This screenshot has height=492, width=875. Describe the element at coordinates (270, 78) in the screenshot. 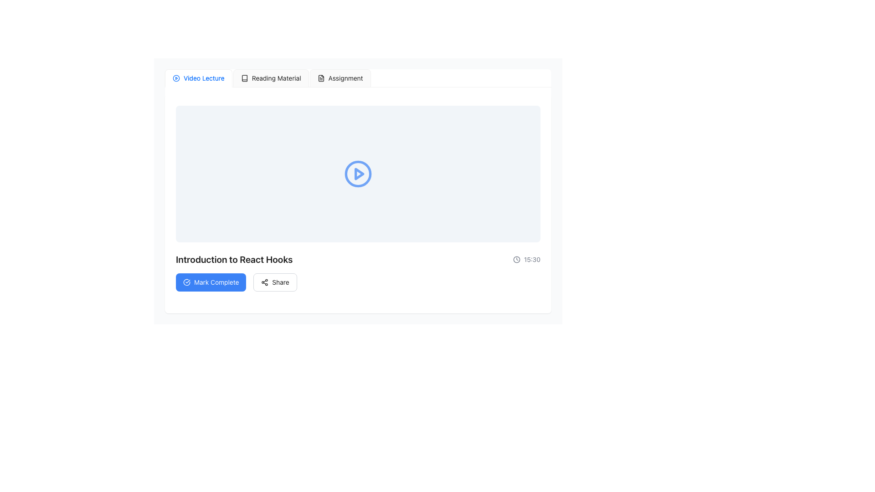

I see `the 'Reading Material' tab in the tab navigation bar` at that location.